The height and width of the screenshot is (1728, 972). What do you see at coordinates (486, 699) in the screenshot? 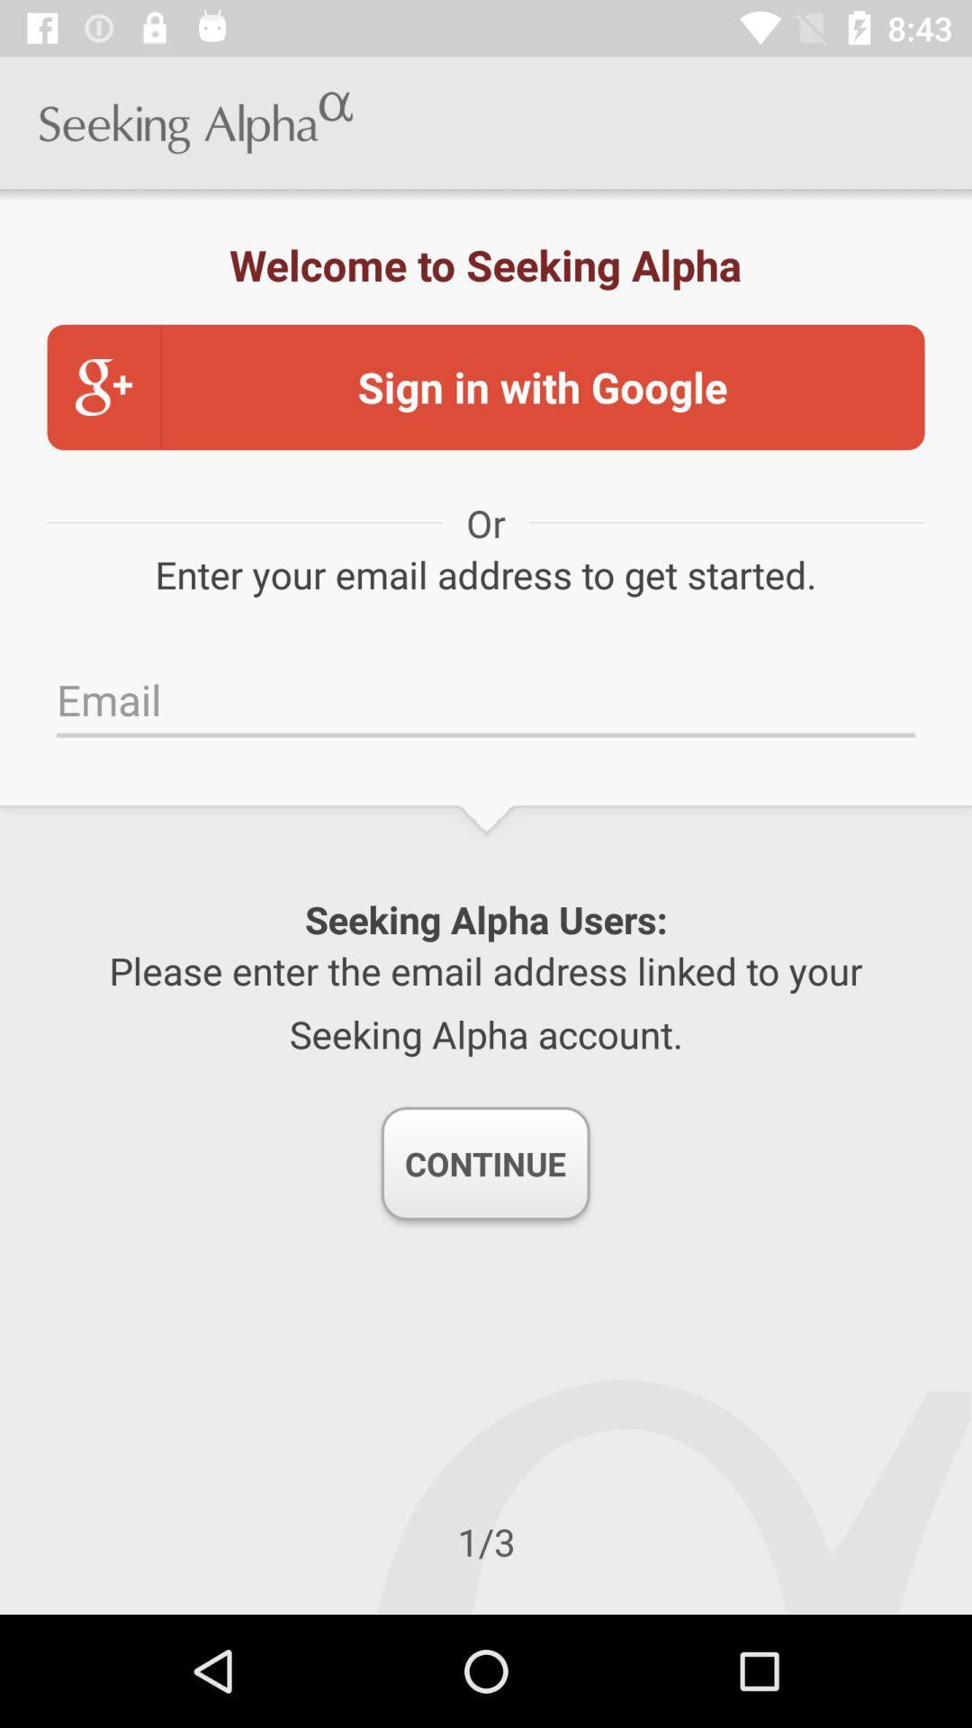
I see `the icon below the enter your email` at bounding box center [486, 699].